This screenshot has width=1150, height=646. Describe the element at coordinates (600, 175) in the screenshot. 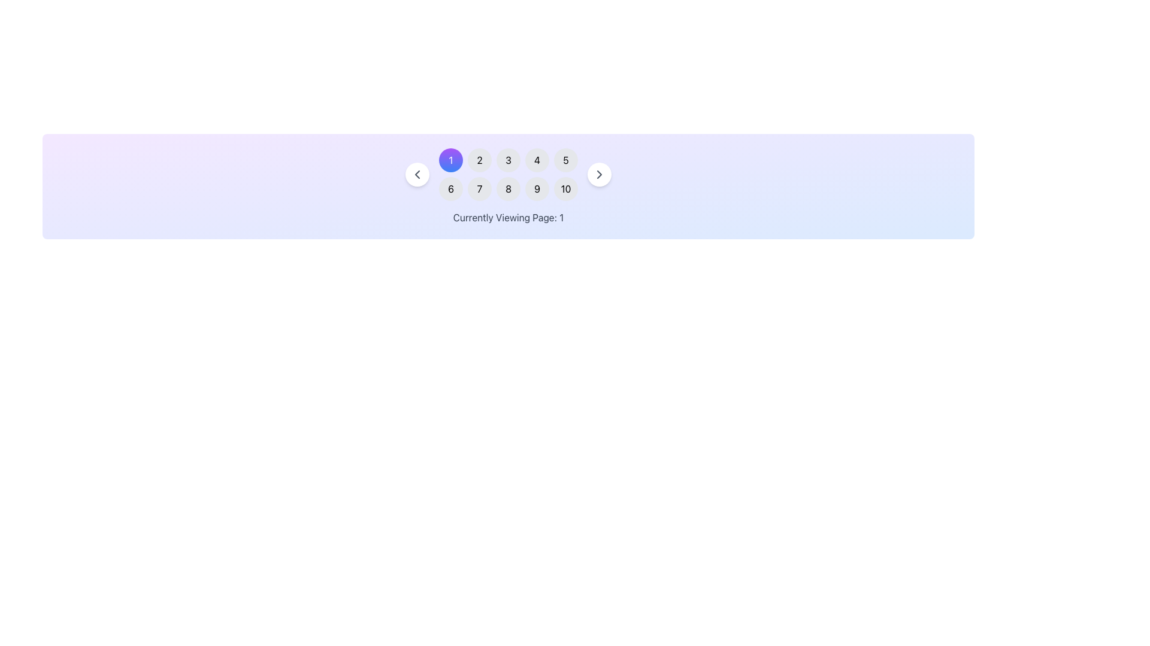

I see `the circular button with a white background and gray right-pointing chevron icon in the pagination section` at that location.